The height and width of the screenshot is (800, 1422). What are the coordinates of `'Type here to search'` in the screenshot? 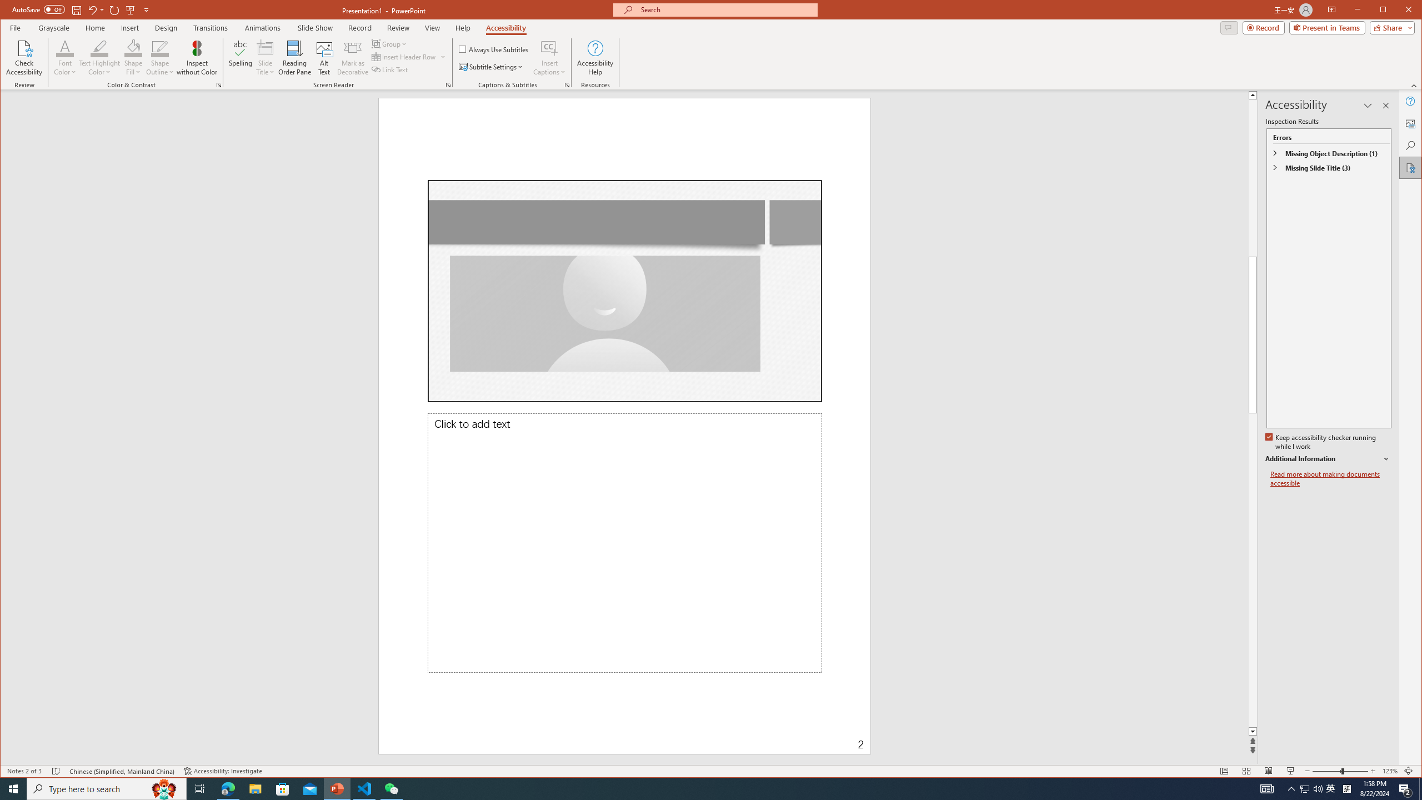 It's located at (106, 788).